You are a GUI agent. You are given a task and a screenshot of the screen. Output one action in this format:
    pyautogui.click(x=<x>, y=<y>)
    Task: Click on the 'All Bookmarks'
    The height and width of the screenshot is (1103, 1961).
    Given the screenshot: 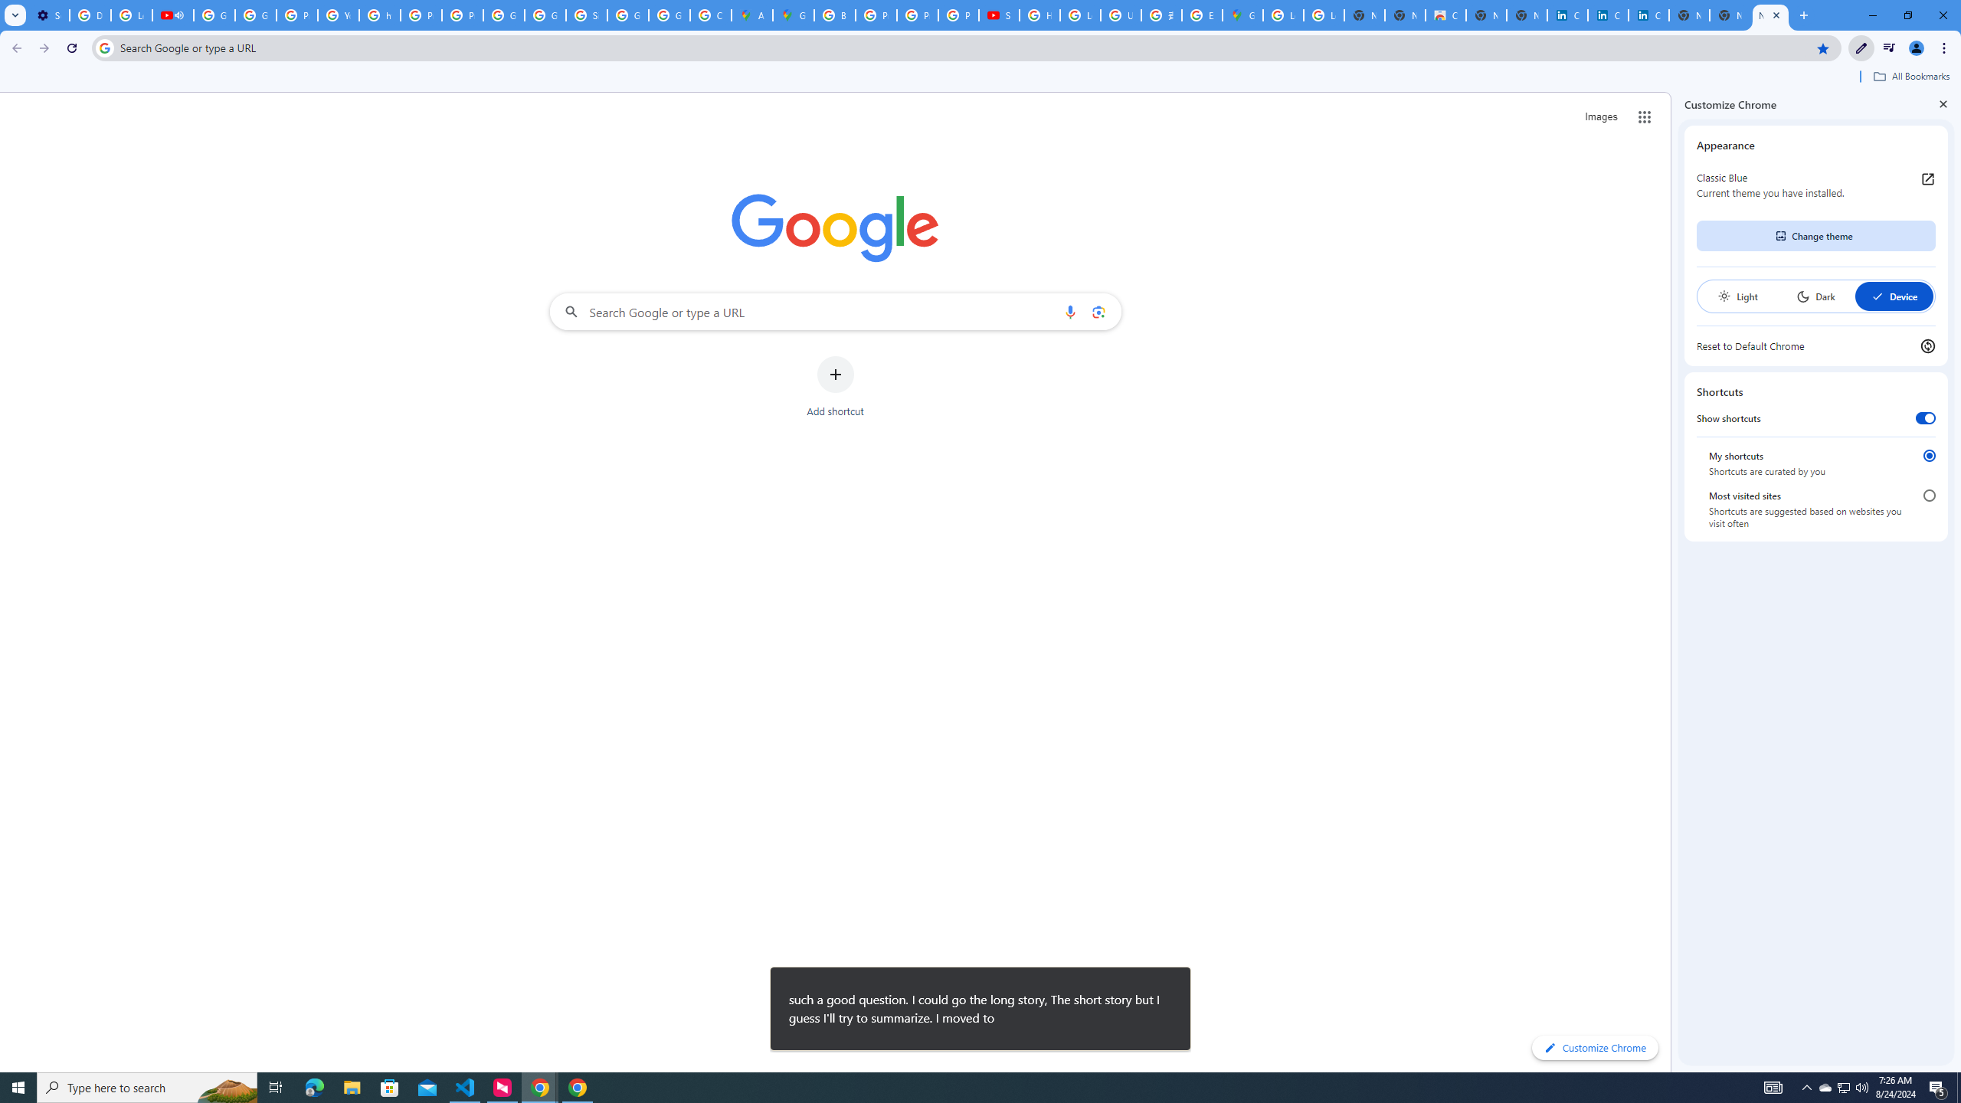 What is the action you would take?
    pyautogui.click(x=1910, y=76)
    